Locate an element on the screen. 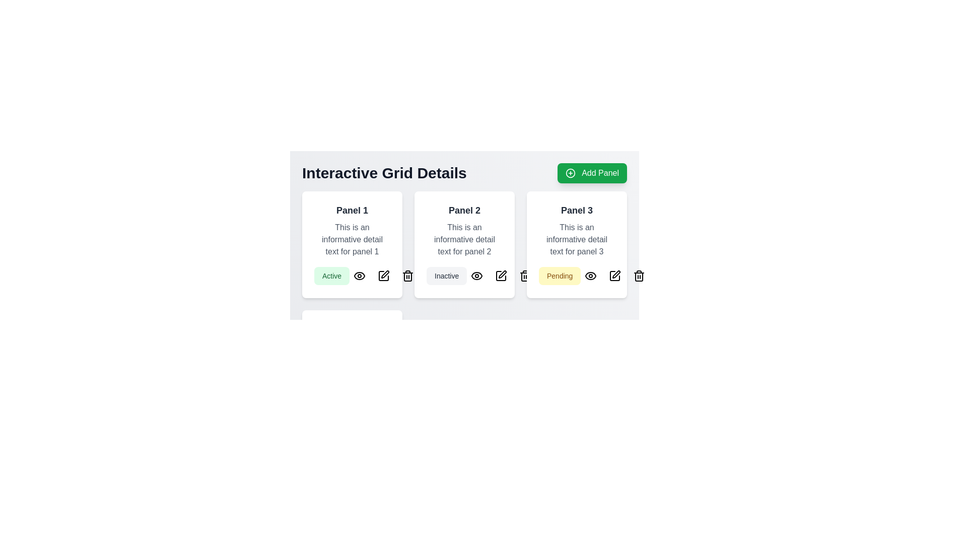 This screenshot has height=544, width=967. the eye icon representing the visibility function under 'Panel 2' is located at coordinates (476, 276).